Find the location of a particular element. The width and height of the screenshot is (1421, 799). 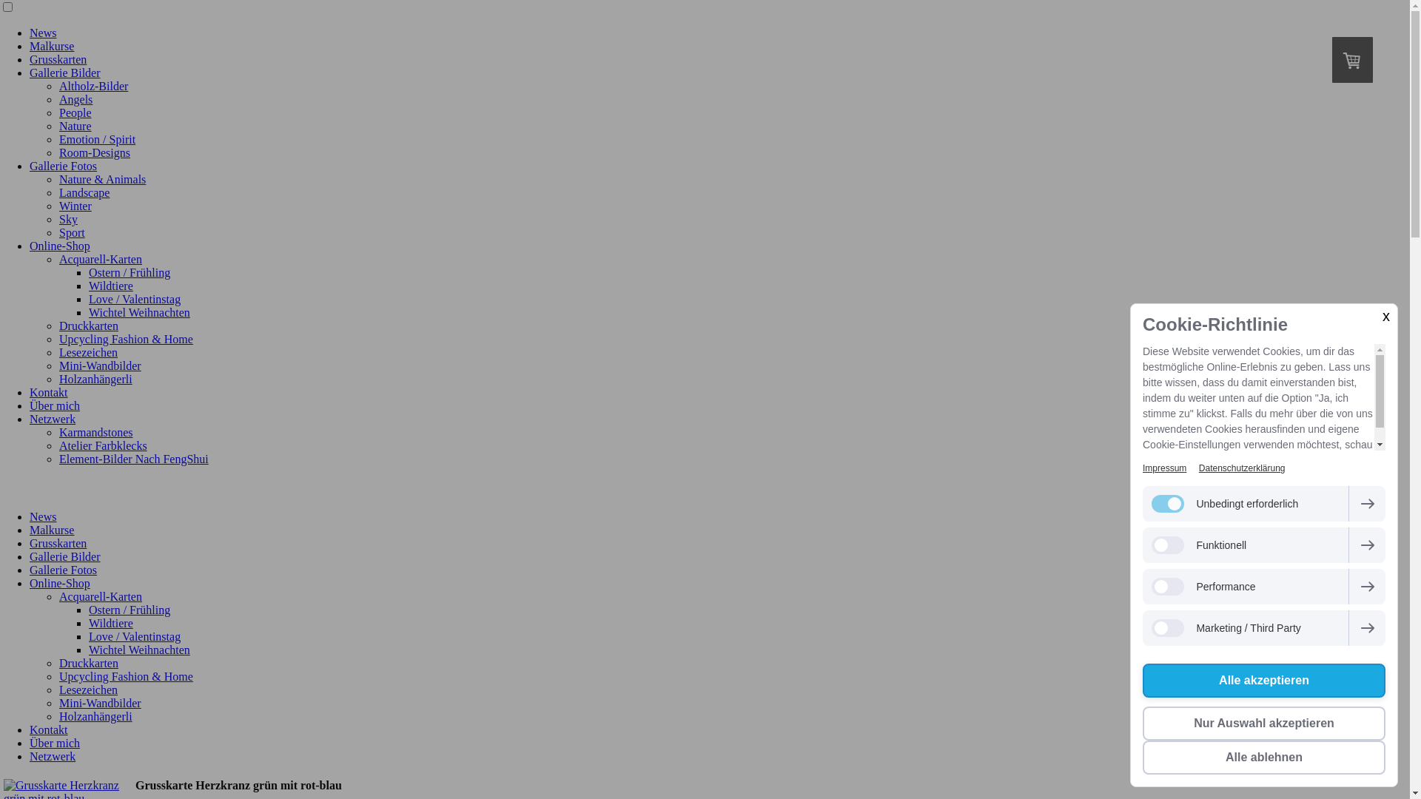

'Acquarell-Karten' is located at coordinates (59, 596).